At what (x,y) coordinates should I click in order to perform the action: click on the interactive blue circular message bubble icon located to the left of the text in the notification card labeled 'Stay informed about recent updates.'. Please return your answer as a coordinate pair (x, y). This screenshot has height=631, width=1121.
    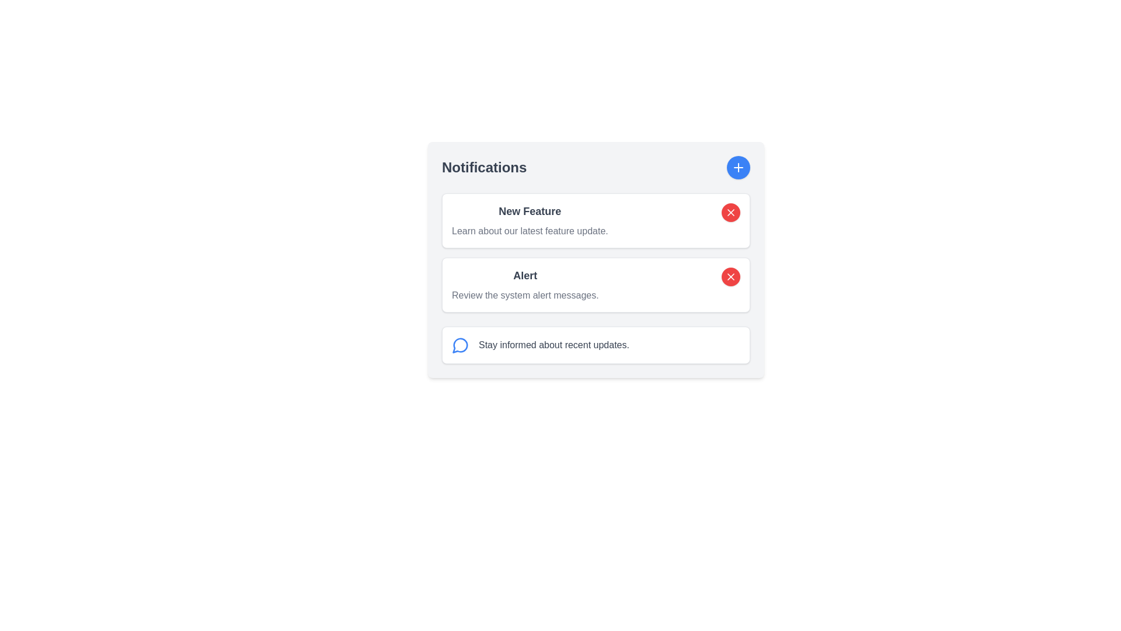
    Looking at the image, I should click on (459, 344).